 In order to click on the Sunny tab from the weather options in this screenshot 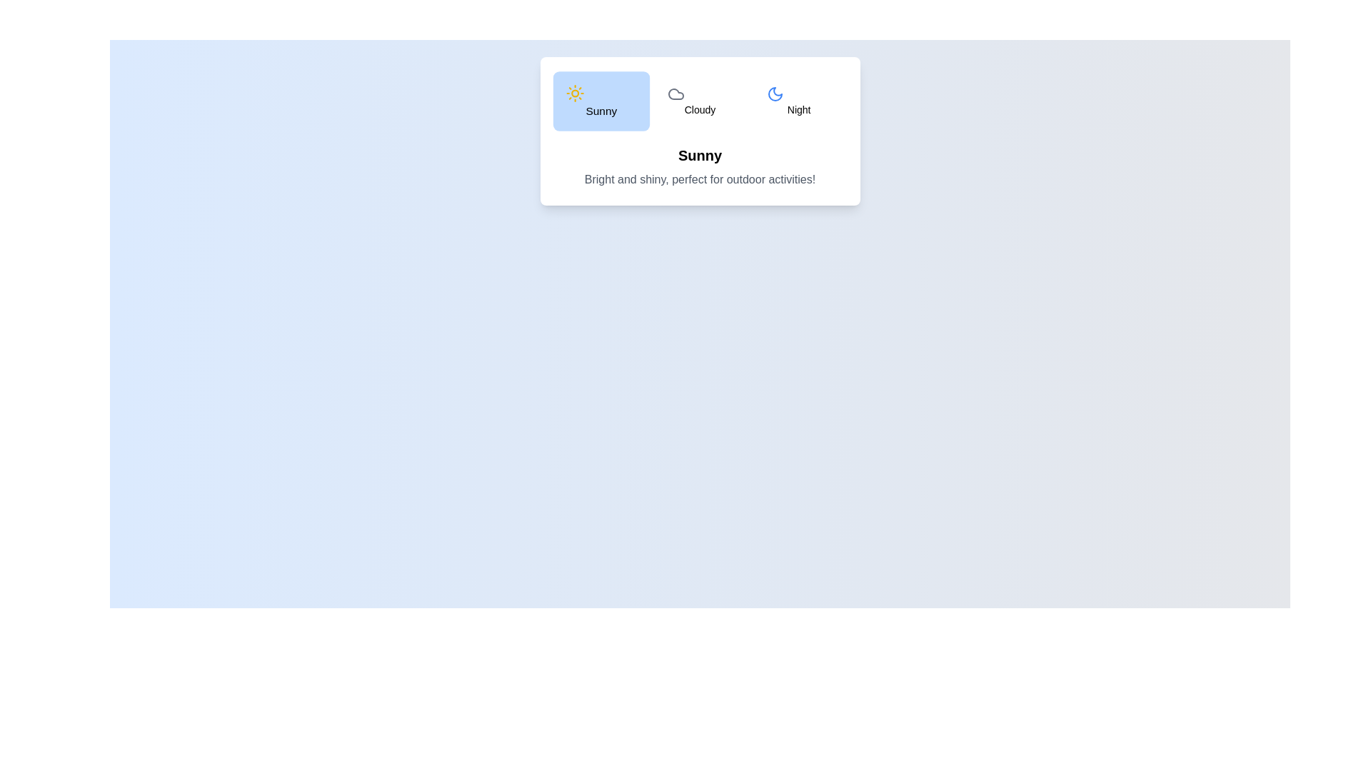, I will do `click(601, 101)`.